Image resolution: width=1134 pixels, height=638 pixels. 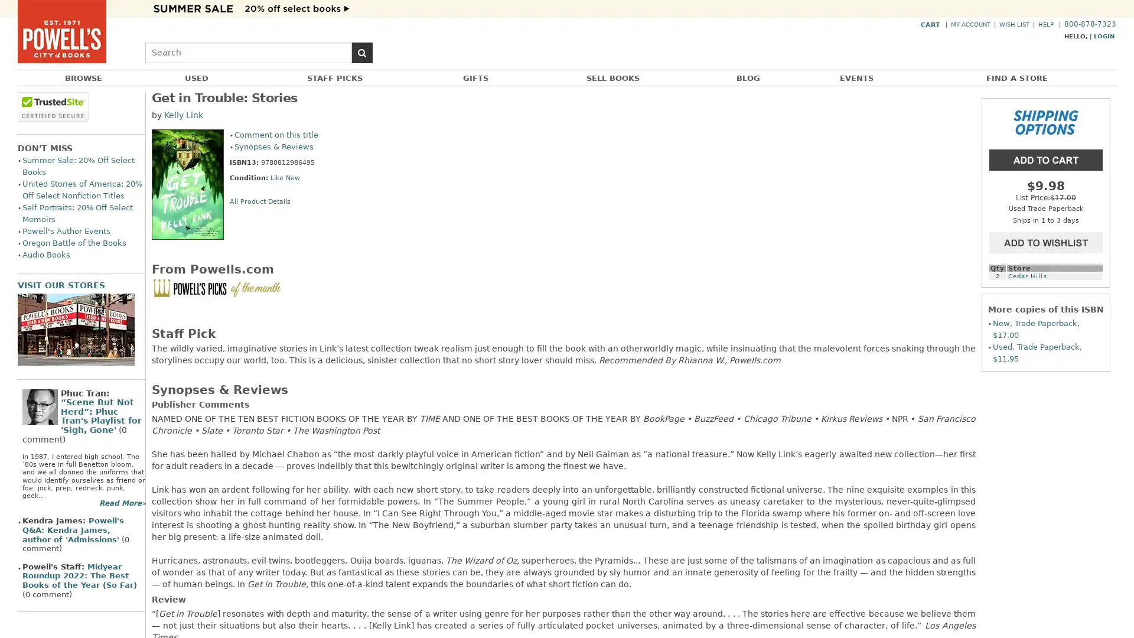 What do you see at coordinates (1046, 158) in the screenshot?
I see `Add to Cart` at bounding box center [1046, 158].